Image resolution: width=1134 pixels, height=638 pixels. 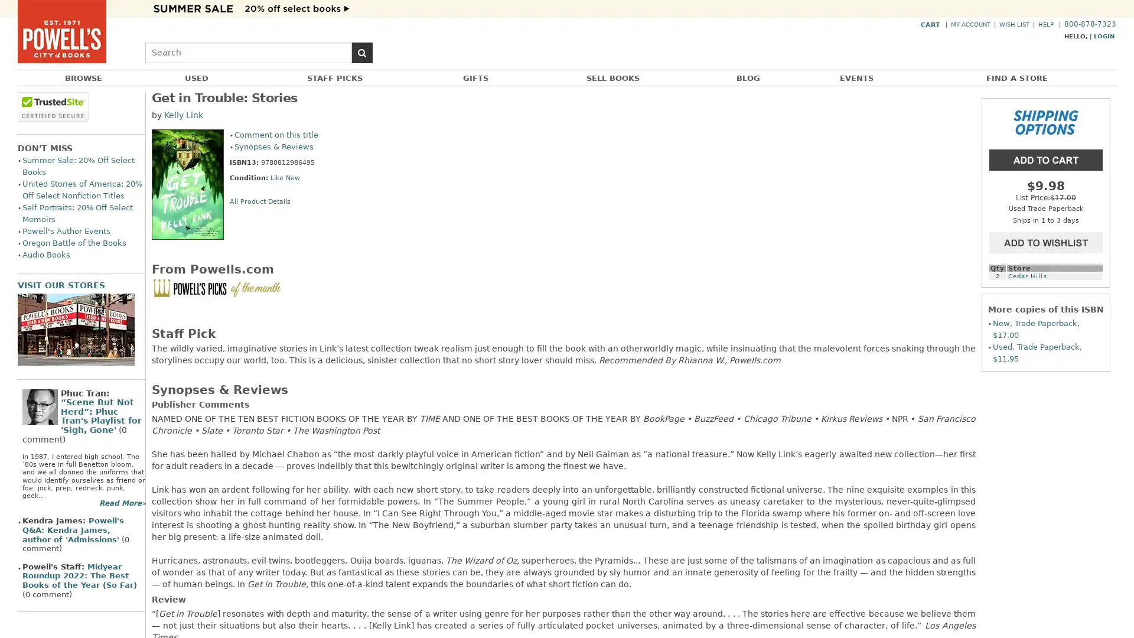 What do you see at coordinates (1046, 158) in the screenshot?
I see `Add to Cart` at bounding box center [1046, 158].